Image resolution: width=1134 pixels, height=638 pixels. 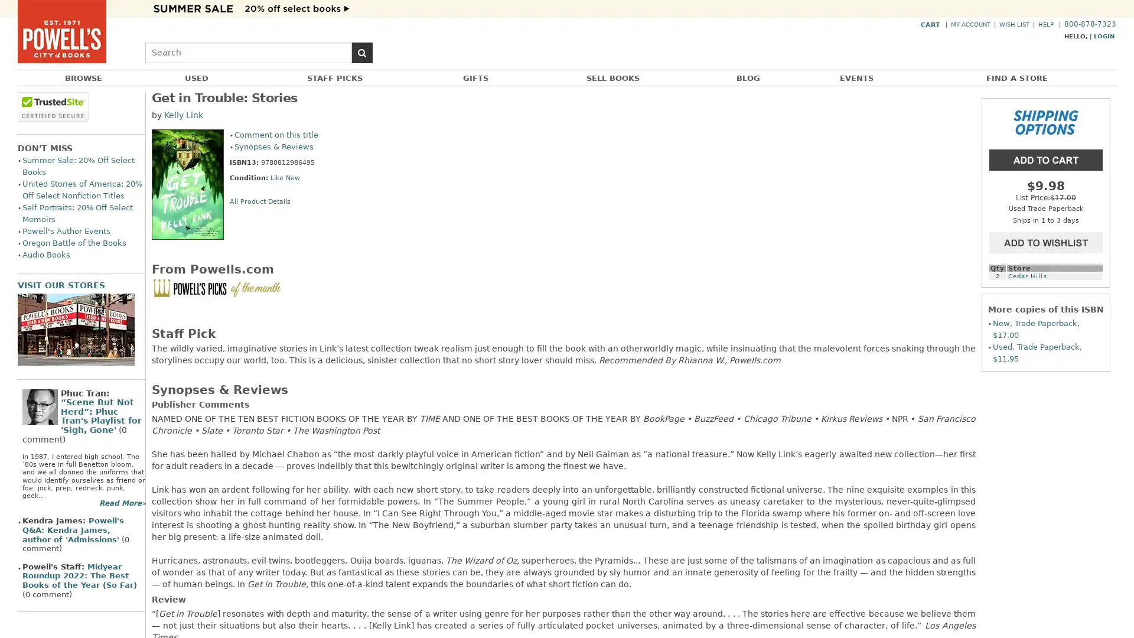 What do you see at coordinates (1046, 158) in the screenshot?
I see `Add to Cart` at bounding box center [1046, 158].